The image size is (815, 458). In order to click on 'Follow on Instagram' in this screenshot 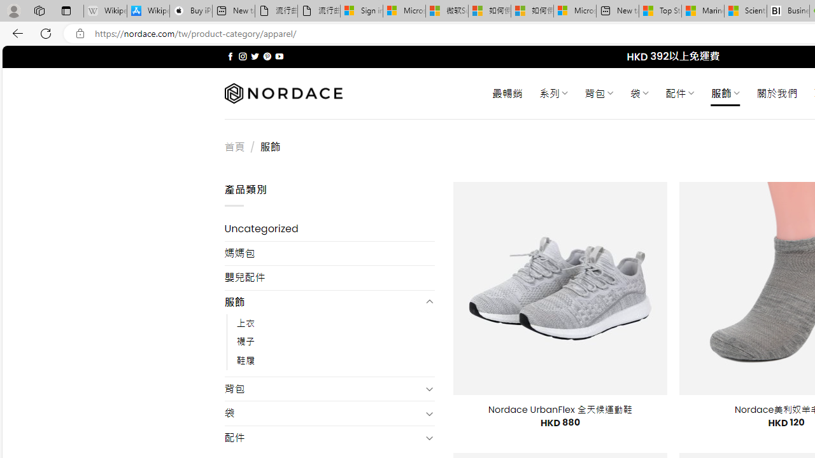, I will do `click(243, 56)`.